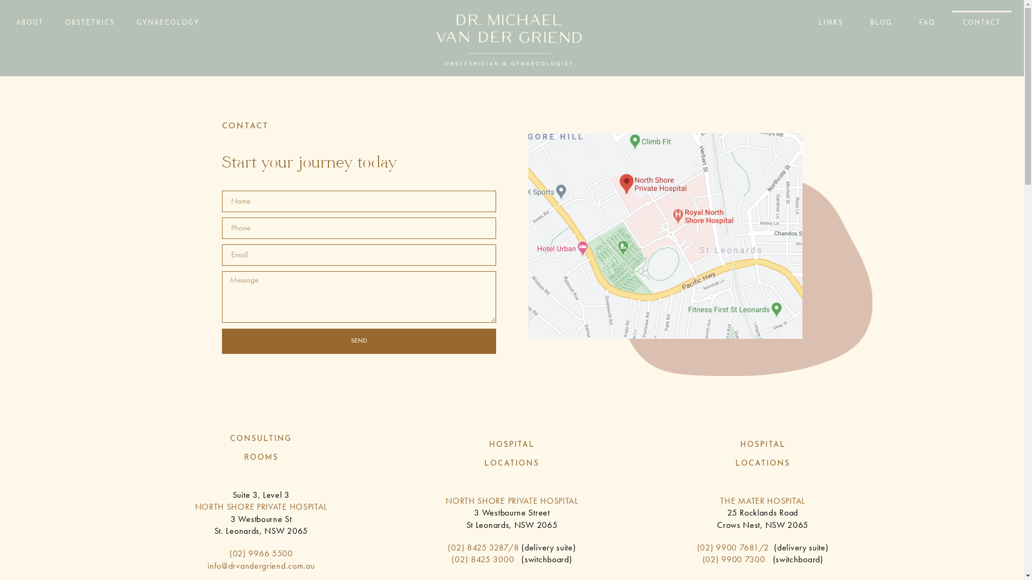  Describe the element at coordinates (737, 559) in the screenshot. I see `'(02) 9900 7300   '` at that location.